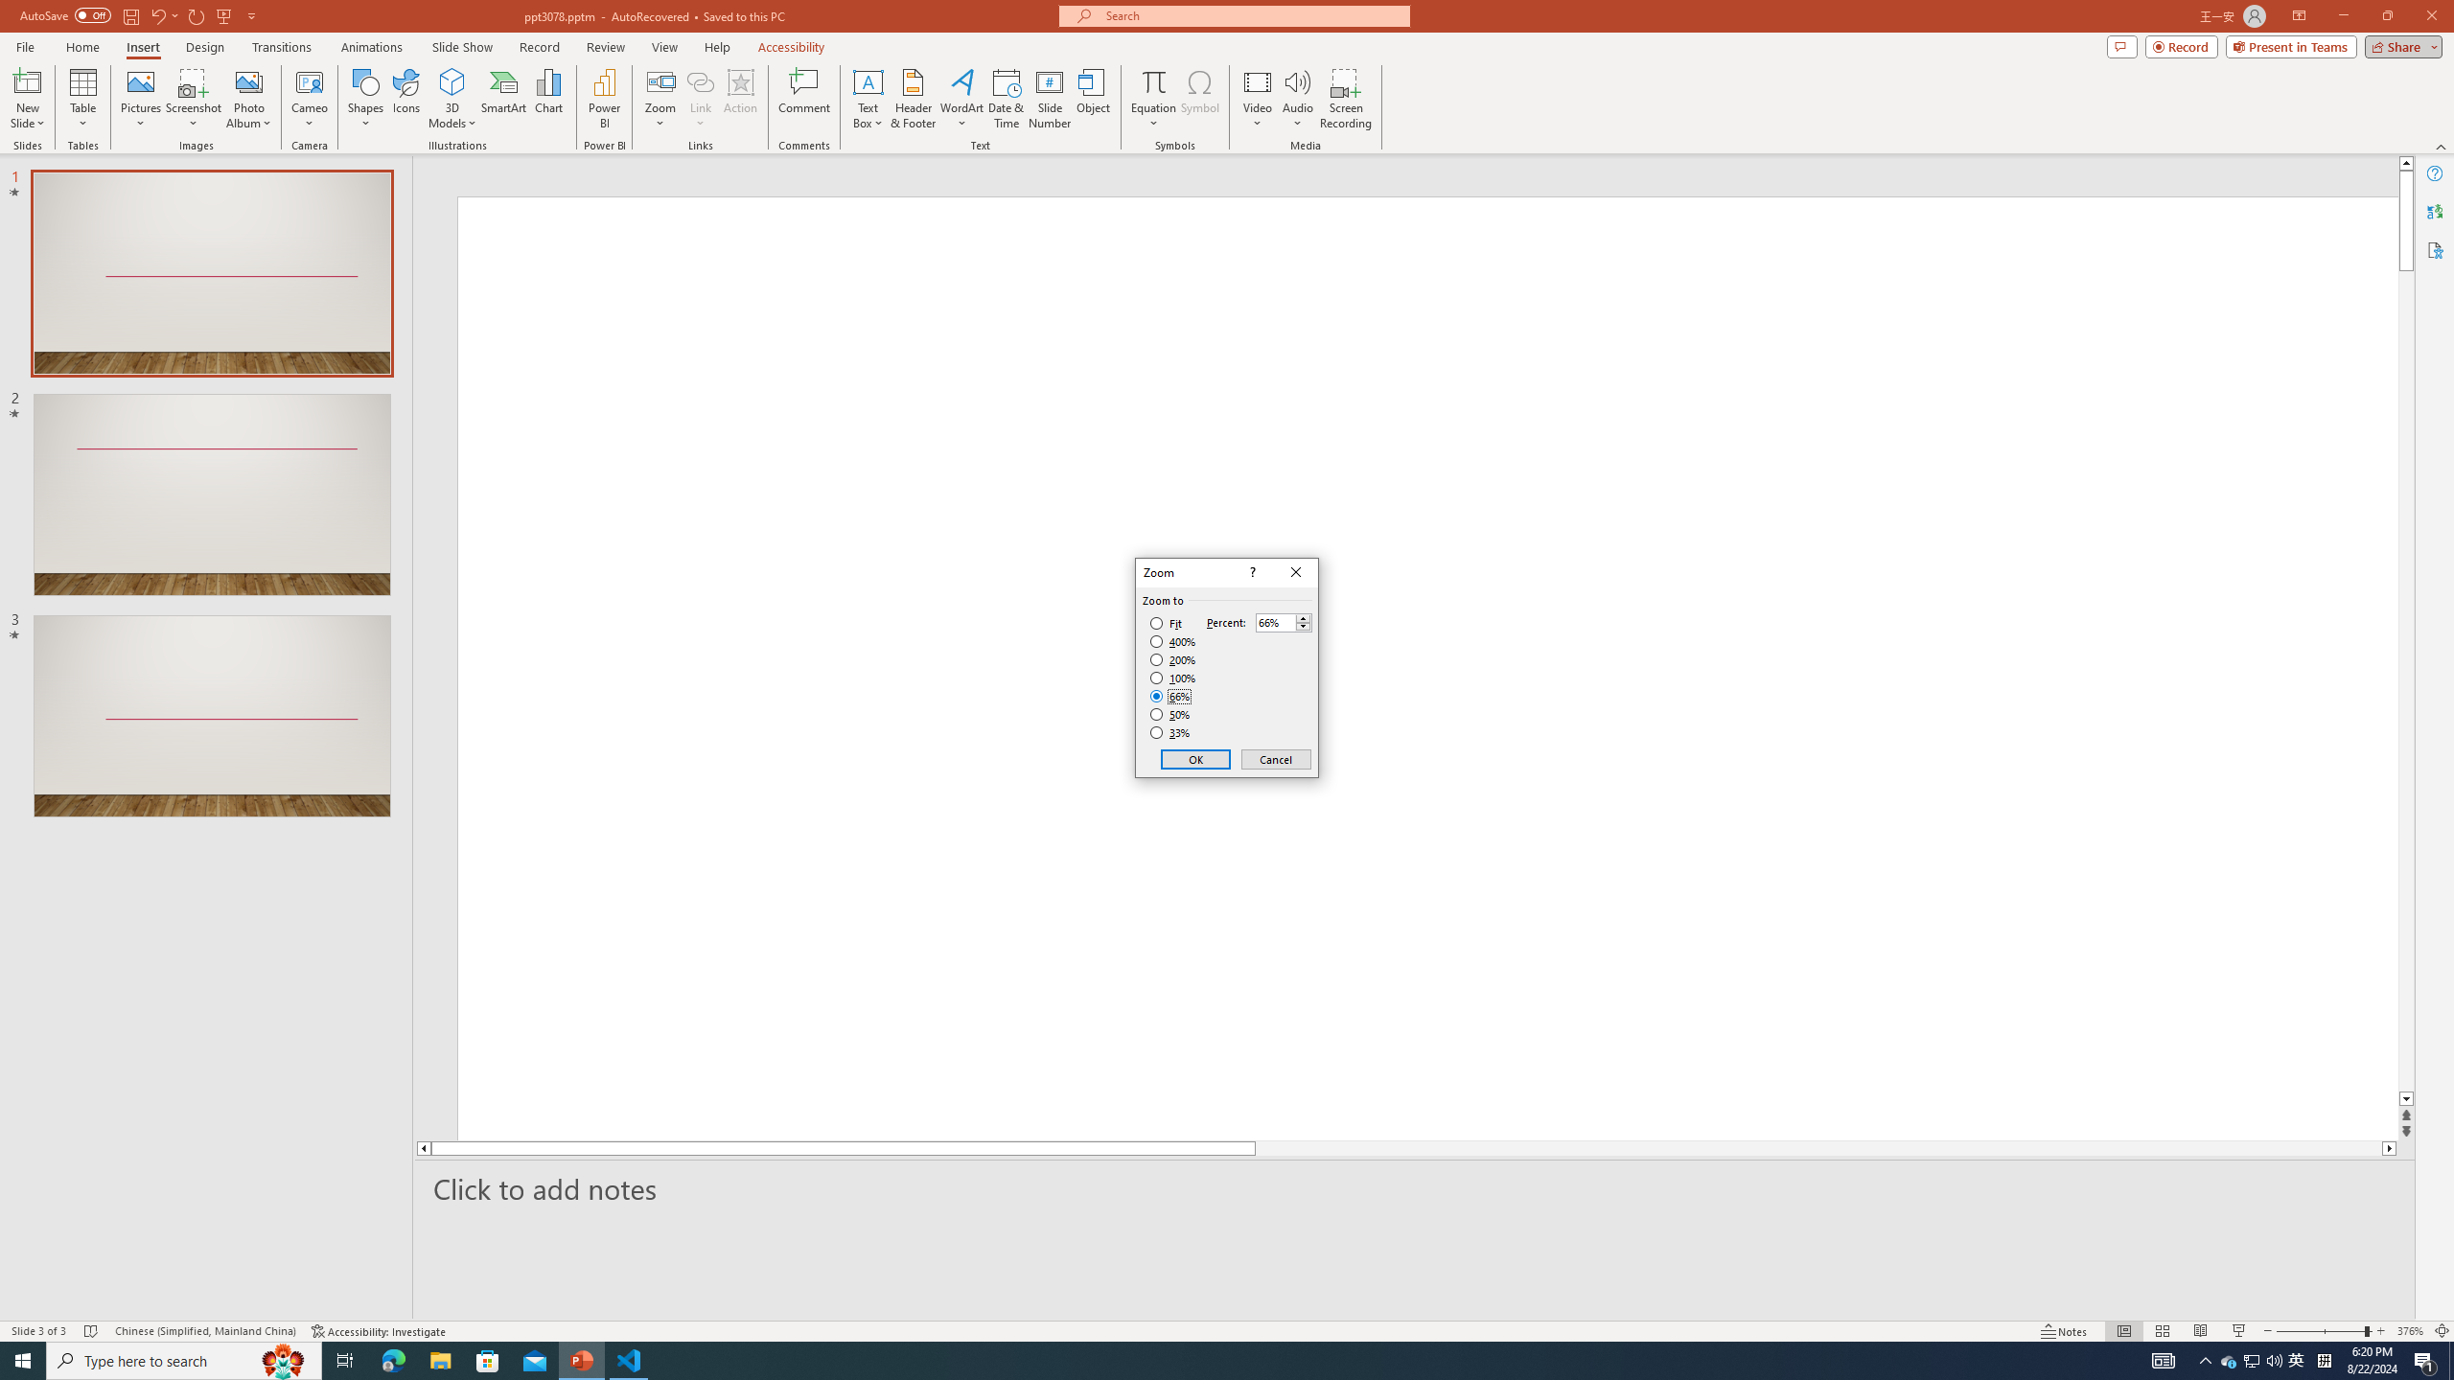 The height and width of the screenshot is (1380, 2454). What do you see at coordinates (1297, 99) in the screenshot?
I see `'Audio'` at bounding box center [1297, 99].